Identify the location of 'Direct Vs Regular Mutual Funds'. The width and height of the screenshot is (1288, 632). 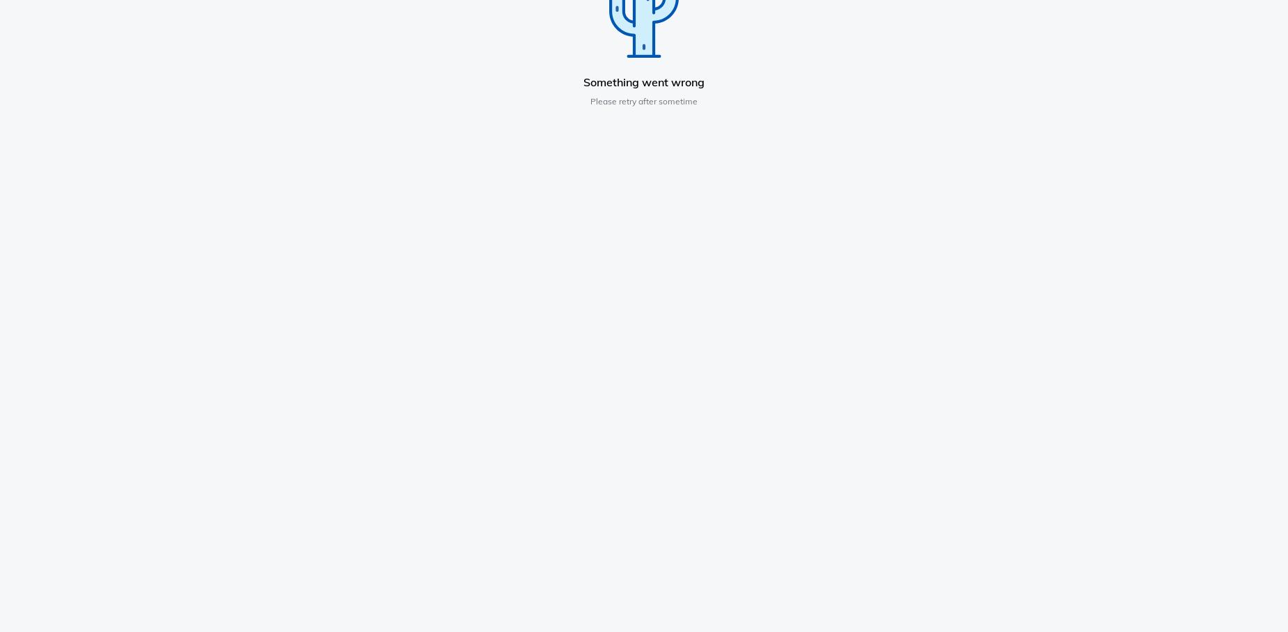
(625, 506).